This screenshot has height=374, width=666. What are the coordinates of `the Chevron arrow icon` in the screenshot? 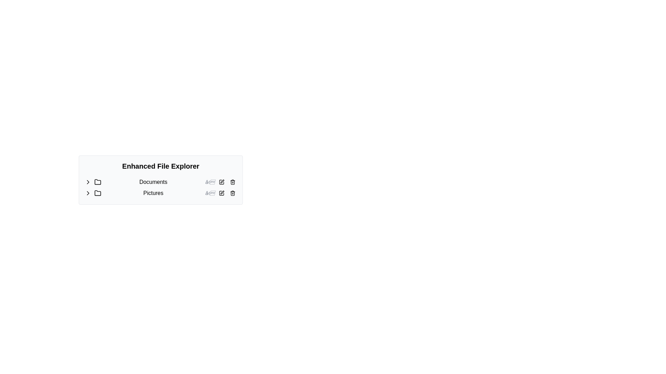 It's located at (88, 181).